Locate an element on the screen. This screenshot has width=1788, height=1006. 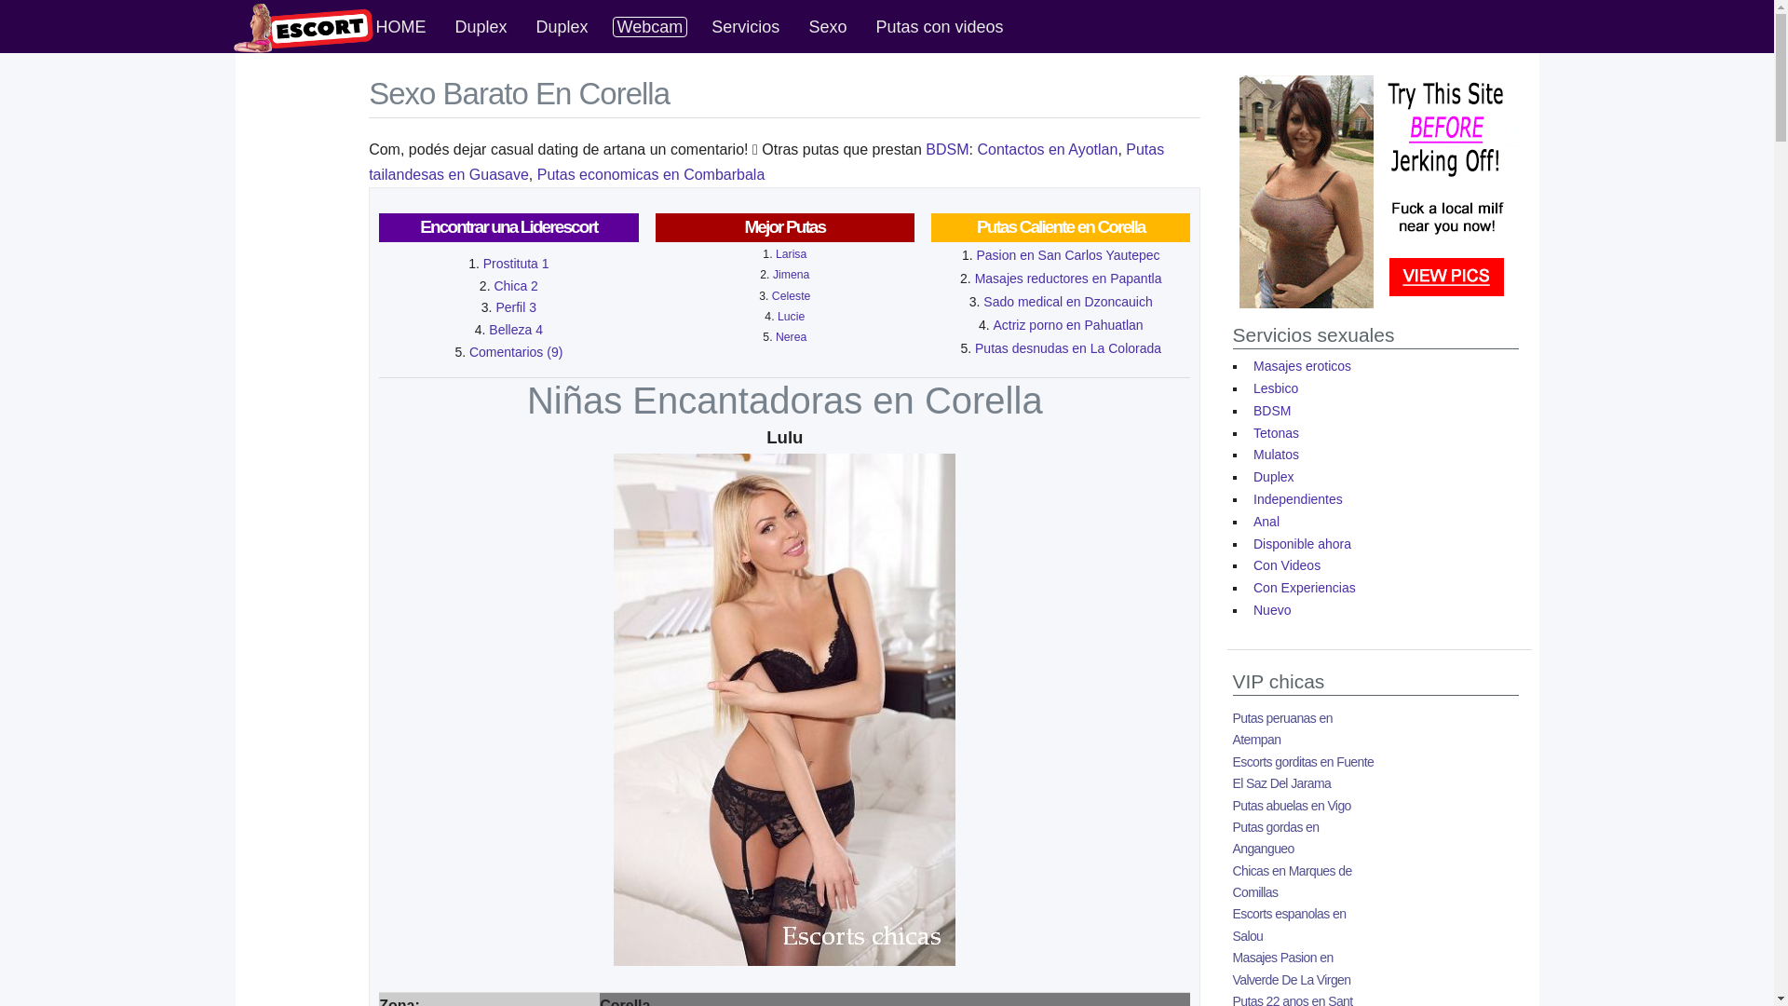
'Chica 2' is located at coordinates (515, 286).